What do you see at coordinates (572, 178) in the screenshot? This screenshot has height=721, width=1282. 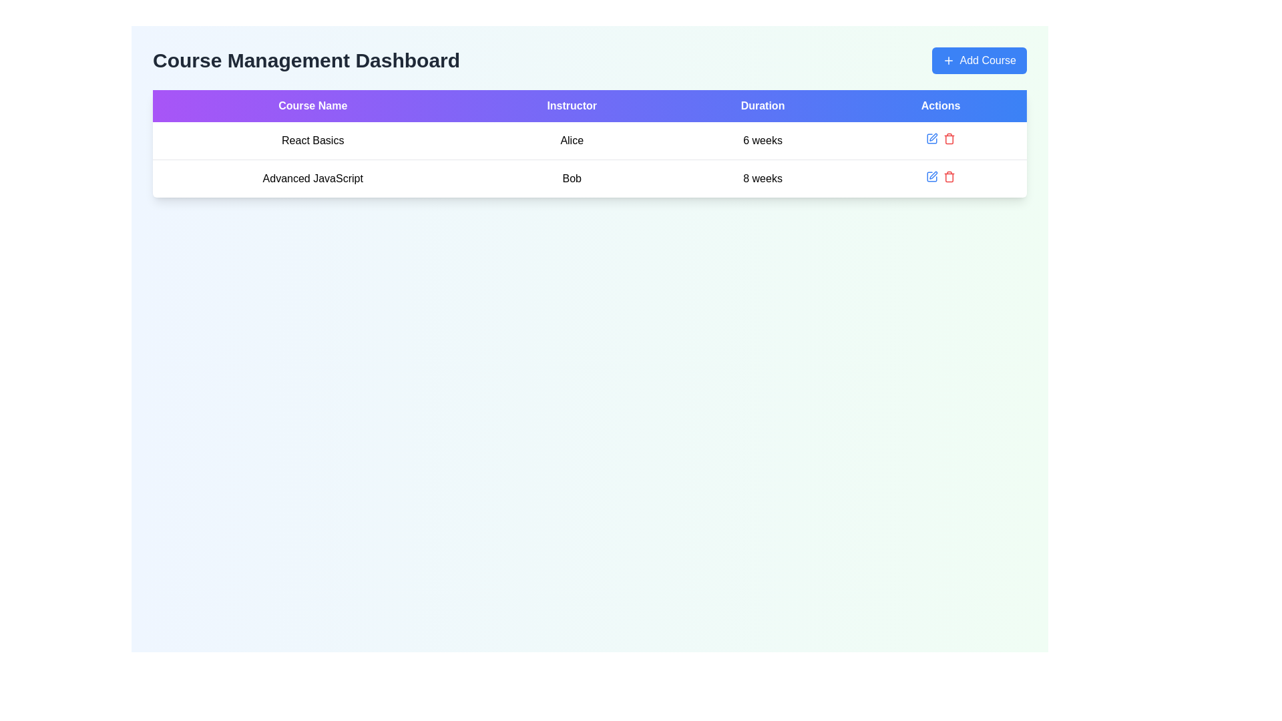 I see `the centered text display reading 'Bob' located in the second row of the table under the 'Instructor' column` at bounding box center [572, 178].